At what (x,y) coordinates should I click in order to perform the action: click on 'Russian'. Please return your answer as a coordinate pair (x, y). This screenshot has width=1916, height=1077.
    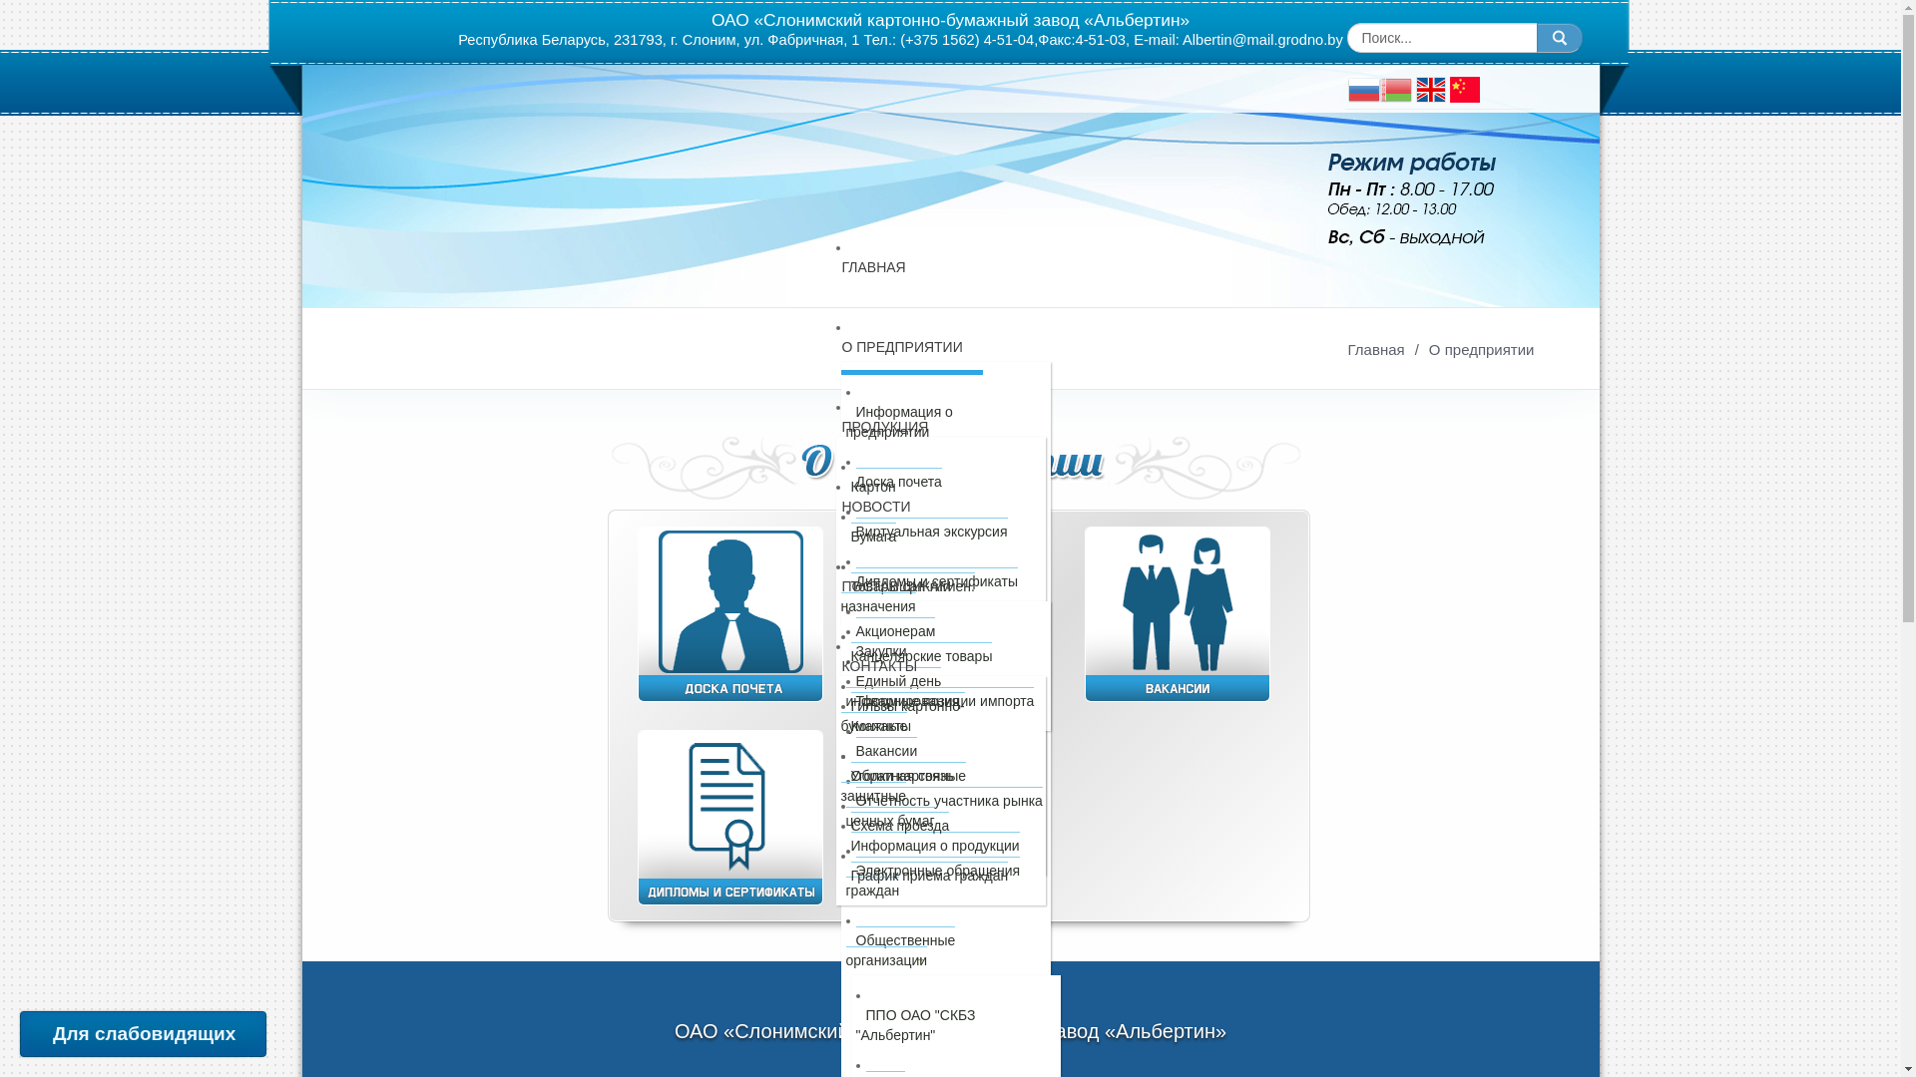
    Looking at the image, I should click on (1362, 87).